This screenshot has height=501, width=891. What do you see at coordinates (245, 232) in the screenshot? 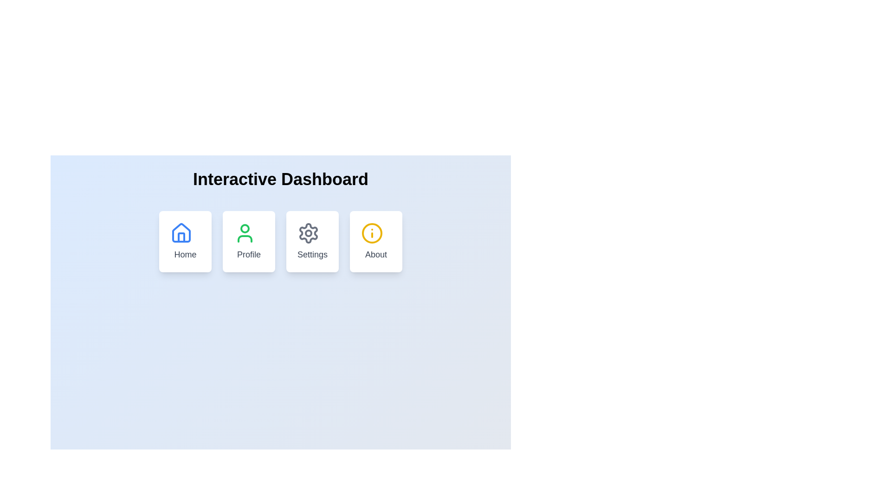
I see `the user profile icon located in the second position of the horizontal row of four buttons, which is used for accessing profile-related features` at bounding box center [245, 232].